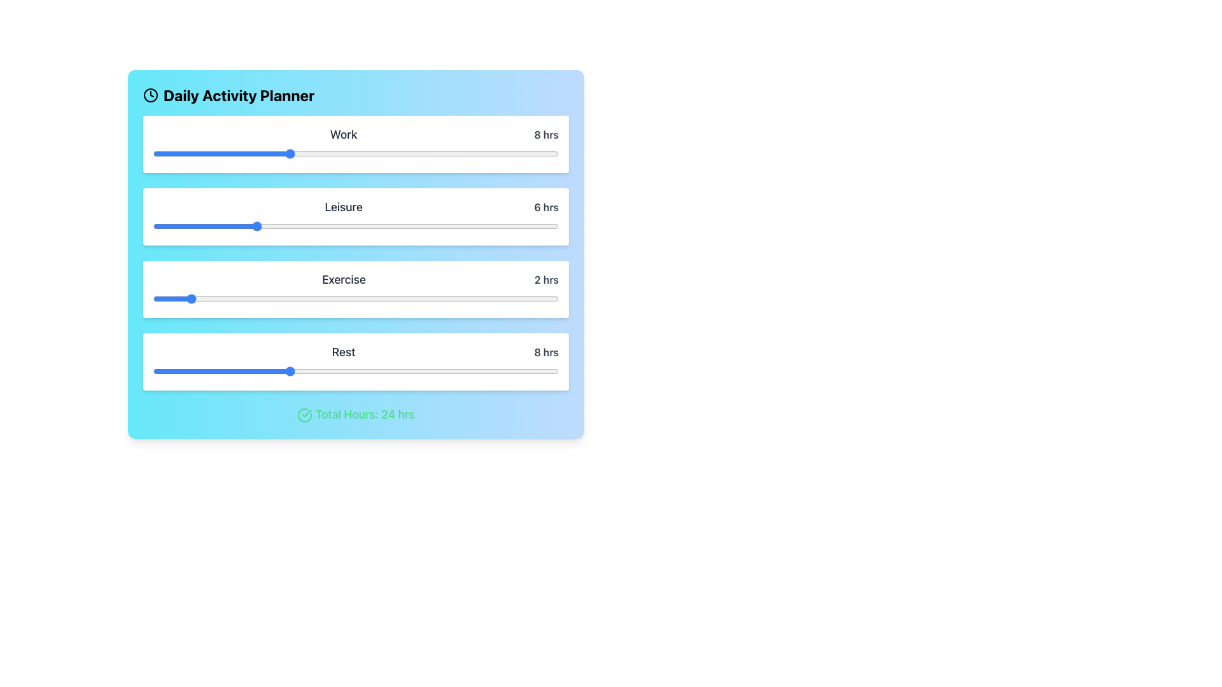  Describe the element at coordinates (406, 299) in the screenshot. I see `the Exercise duration` at that location.